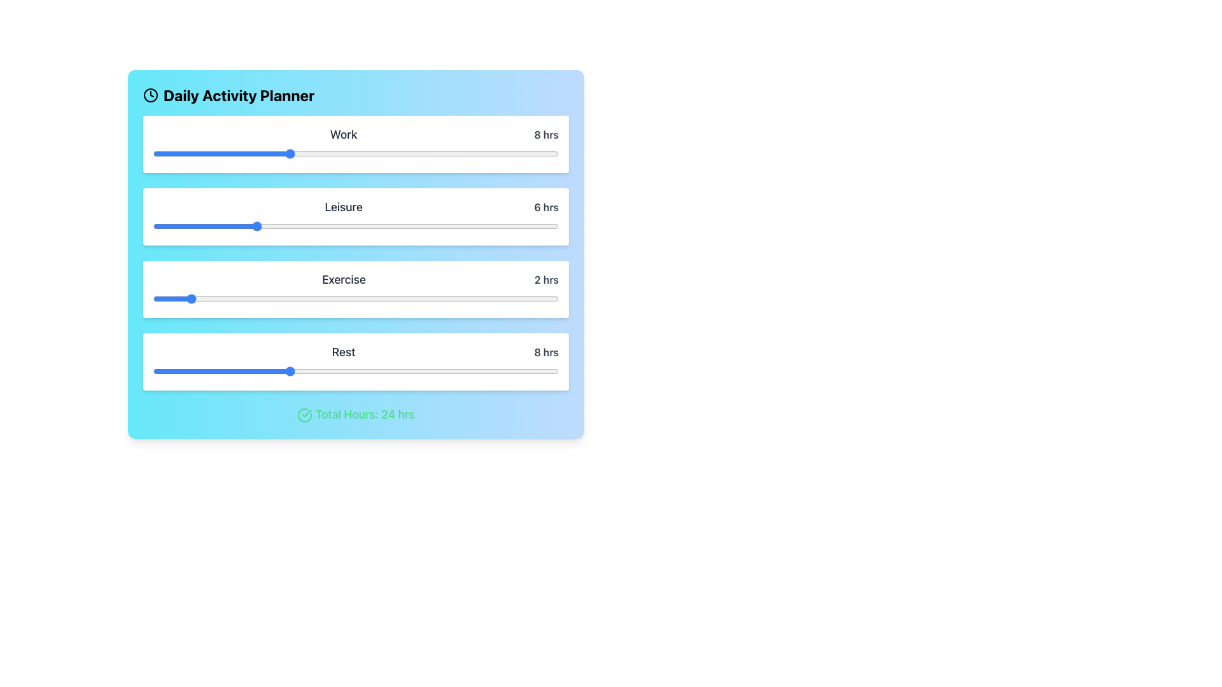  Describe the element at coordinates (406, 299) in the screenshot. I see `the Exercise duration` at that location.